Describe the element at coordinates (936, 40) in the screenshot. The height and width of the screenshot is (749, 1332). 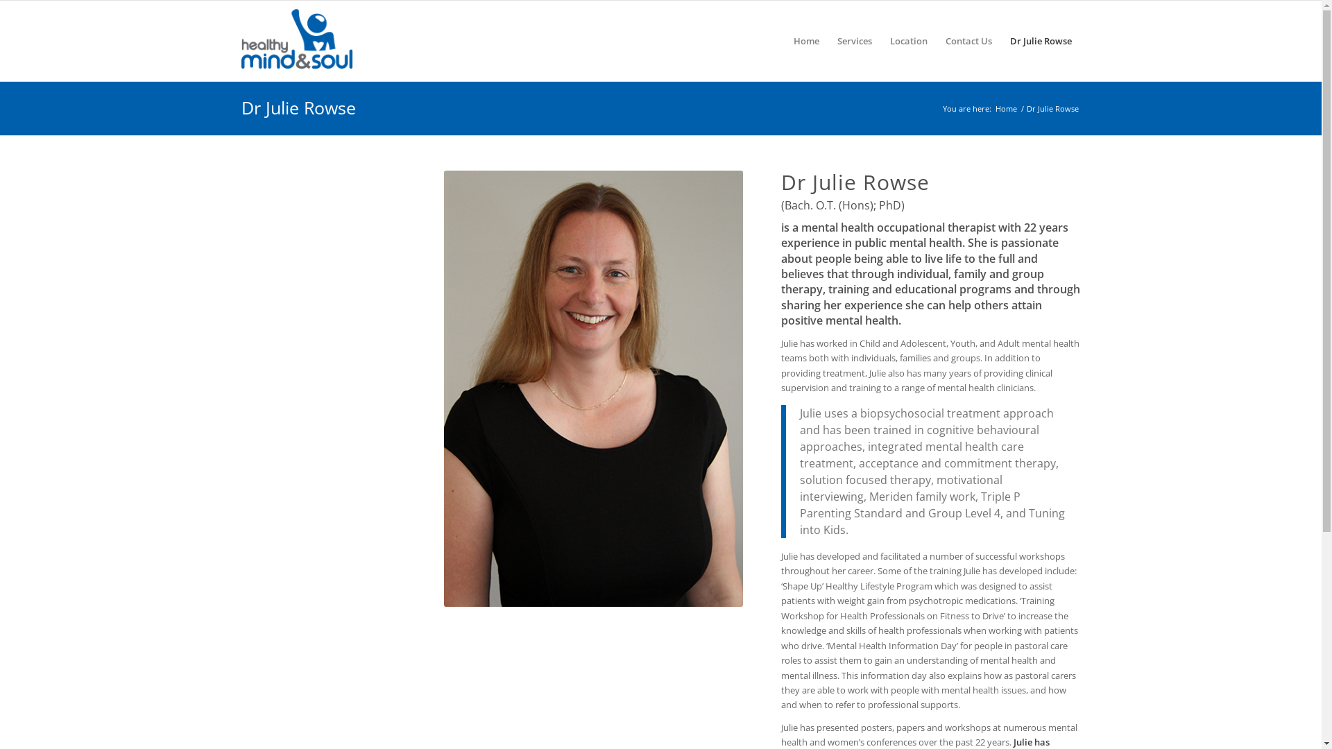
I see `'Contact Us'` at that location.